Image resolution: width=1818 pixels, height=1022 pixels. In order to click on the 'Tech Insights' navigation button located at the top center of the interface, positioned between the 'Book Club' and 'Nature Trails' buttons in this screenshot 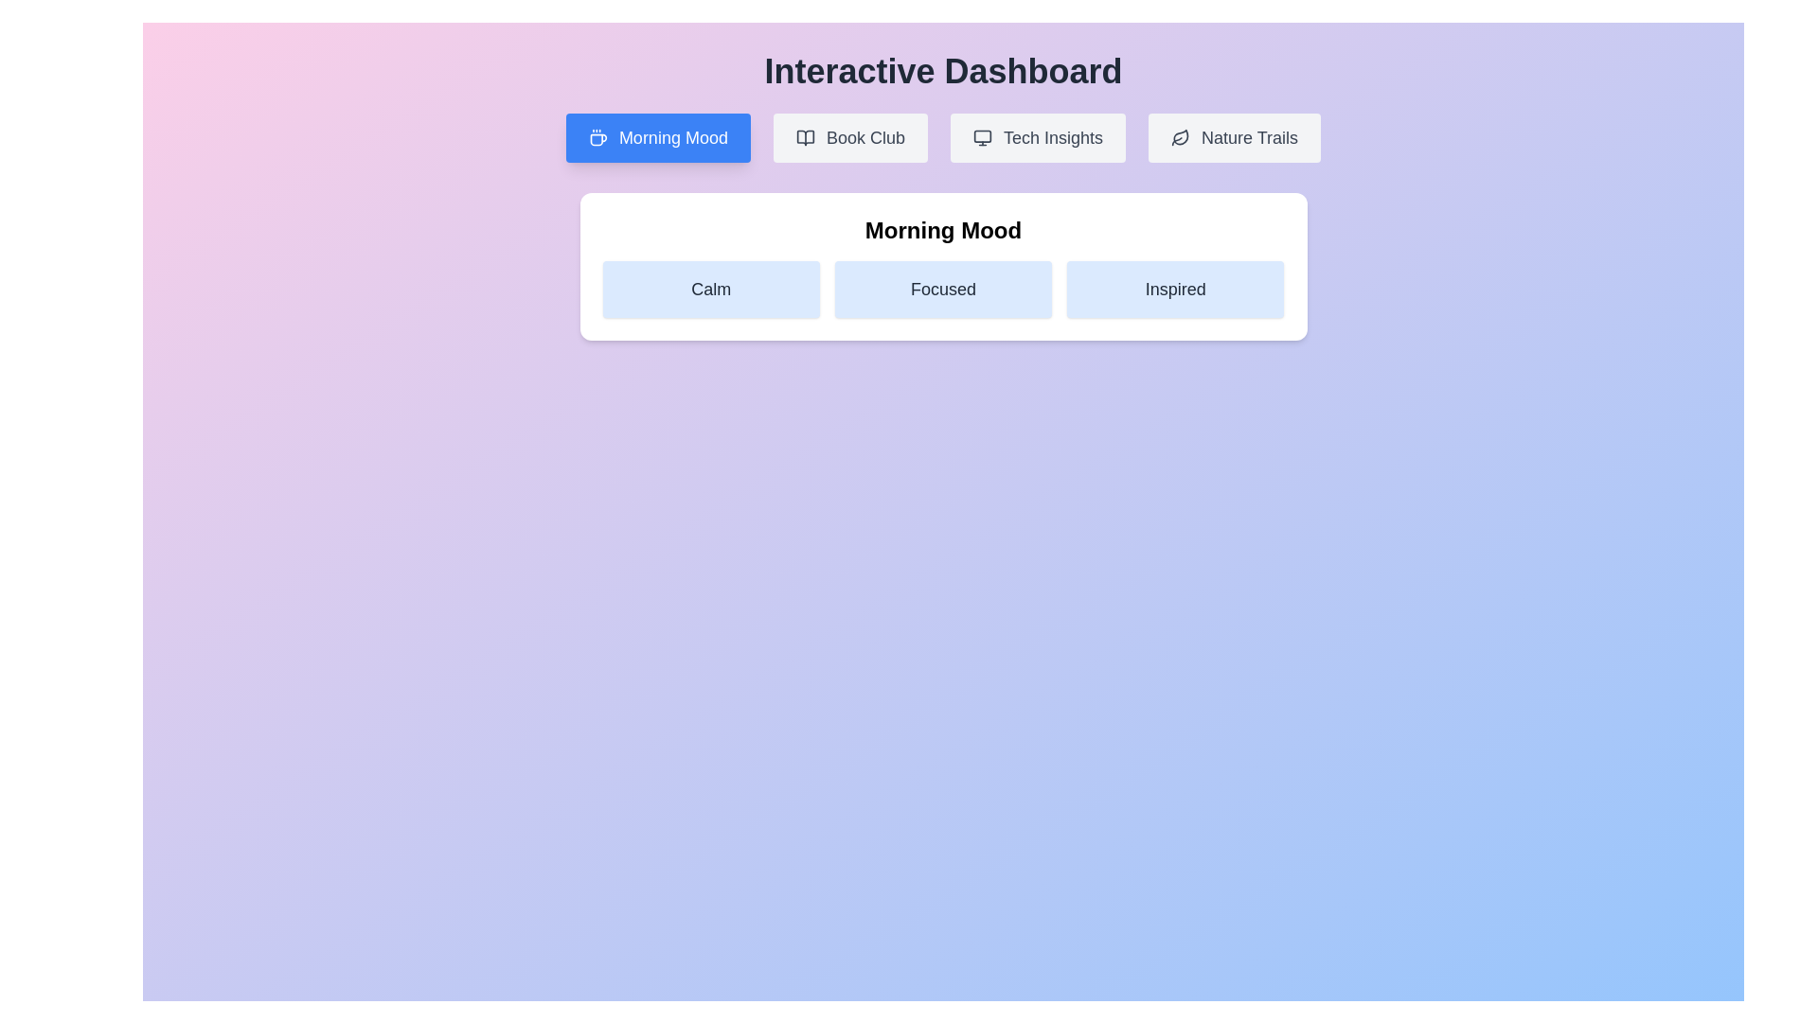, I will do `click(1037, 137)`.